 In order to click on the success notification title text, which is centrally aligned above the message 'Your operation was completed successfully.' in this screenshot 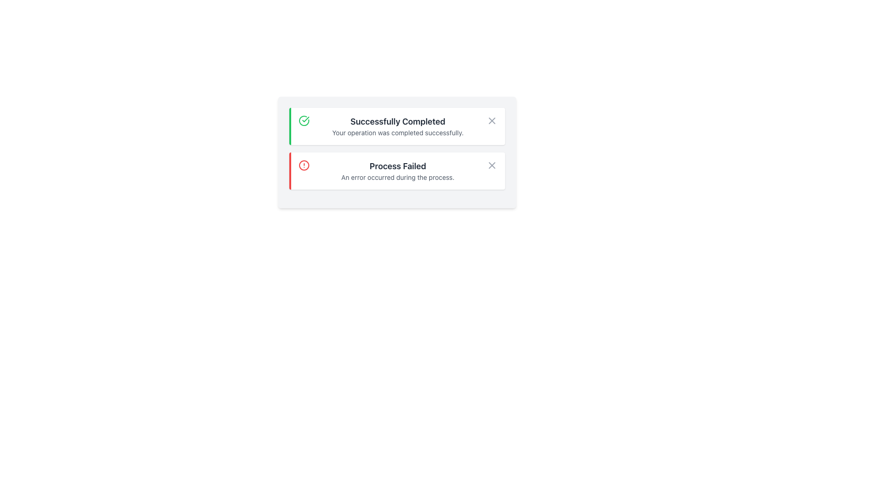, I will do `click(398, 121)`.